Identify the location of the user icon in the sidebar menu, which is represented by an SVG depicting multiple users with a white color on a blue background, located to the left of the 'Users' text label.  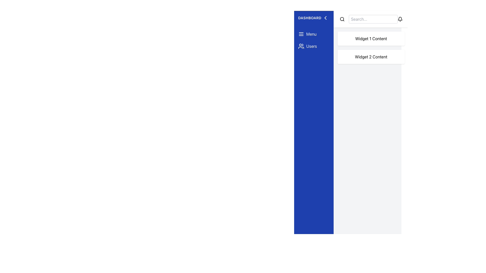
(301, 46).